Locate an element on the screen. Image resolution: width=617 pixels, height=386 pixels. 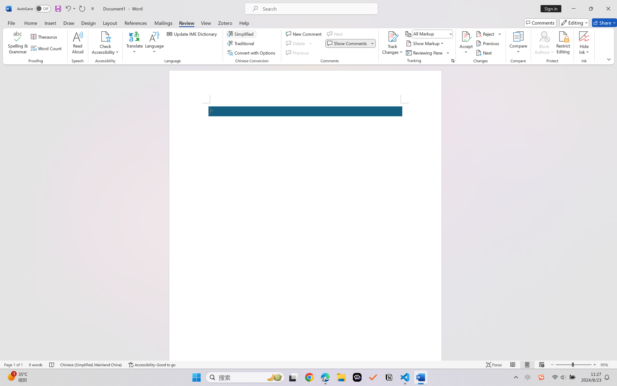
'Reviewing Pane' is located at coordinates (428, 53).